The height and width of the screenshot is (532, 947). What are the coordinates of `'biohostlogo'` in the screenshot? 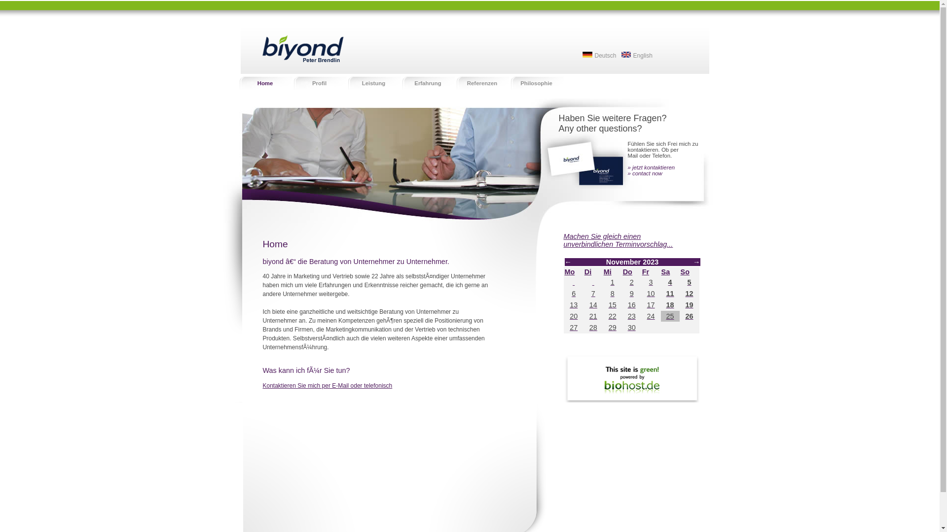 It's located at (630, 377).